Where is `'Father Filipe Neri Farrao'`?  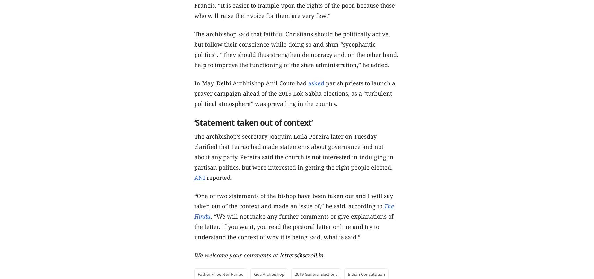
'Father Filipe Neri Farrao' is located at coordinates (221, 274).